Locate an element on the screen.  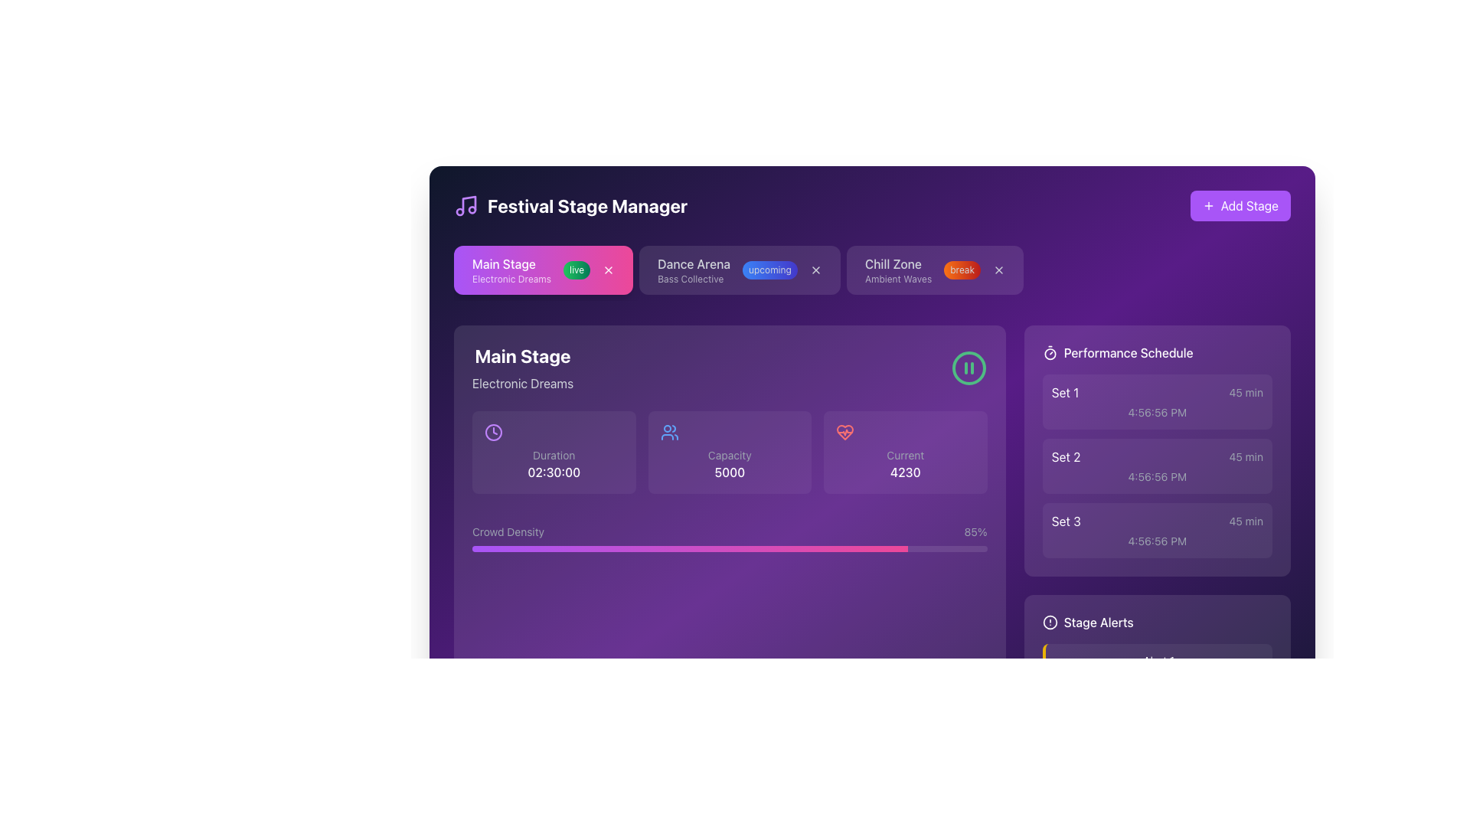
the middle informational card in the grid layout that displays stage-related statistics, featuring a blue-styled icon and the caption 'Capacity' with the value '5000' is located at coordinates (729, 451).